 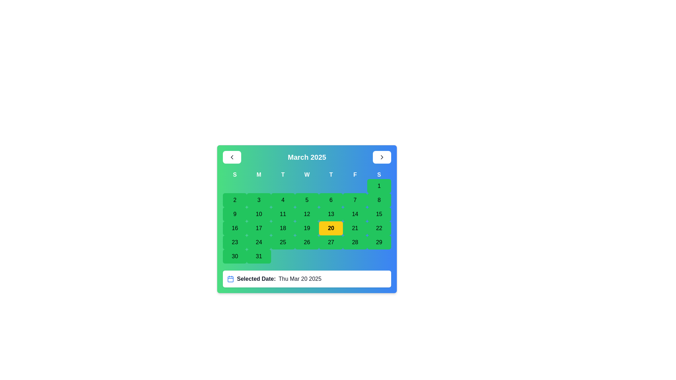 I want to click on the rectangular button displaying the number '4' in bold text, located in the second row, fourth column of the calendar grid, so click(x=283, y=200).